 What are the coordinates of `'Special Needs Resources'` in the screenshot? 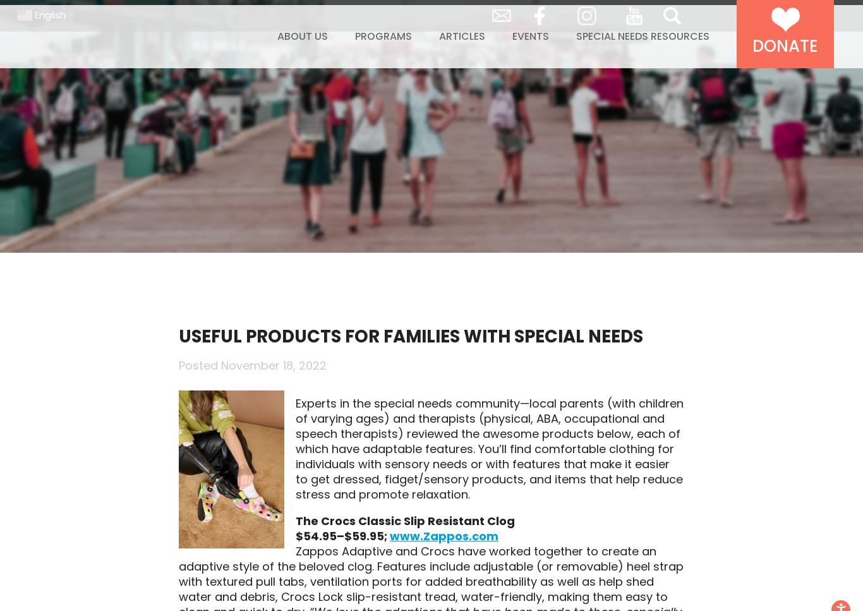 It's located at (643, 63).